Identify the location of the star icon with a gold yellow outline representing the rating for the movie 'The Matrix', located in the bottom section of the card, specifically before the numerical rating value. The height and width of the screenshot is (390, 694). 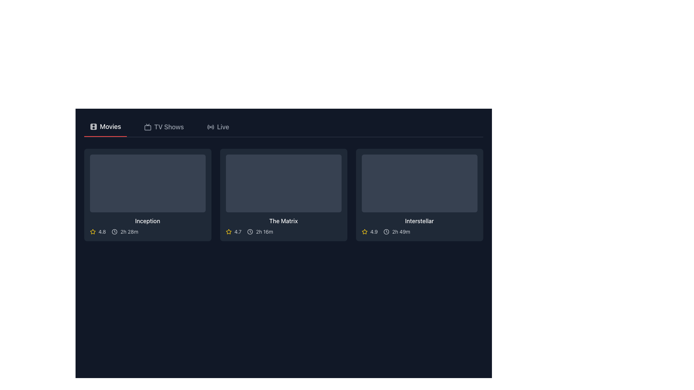
(92, 231).